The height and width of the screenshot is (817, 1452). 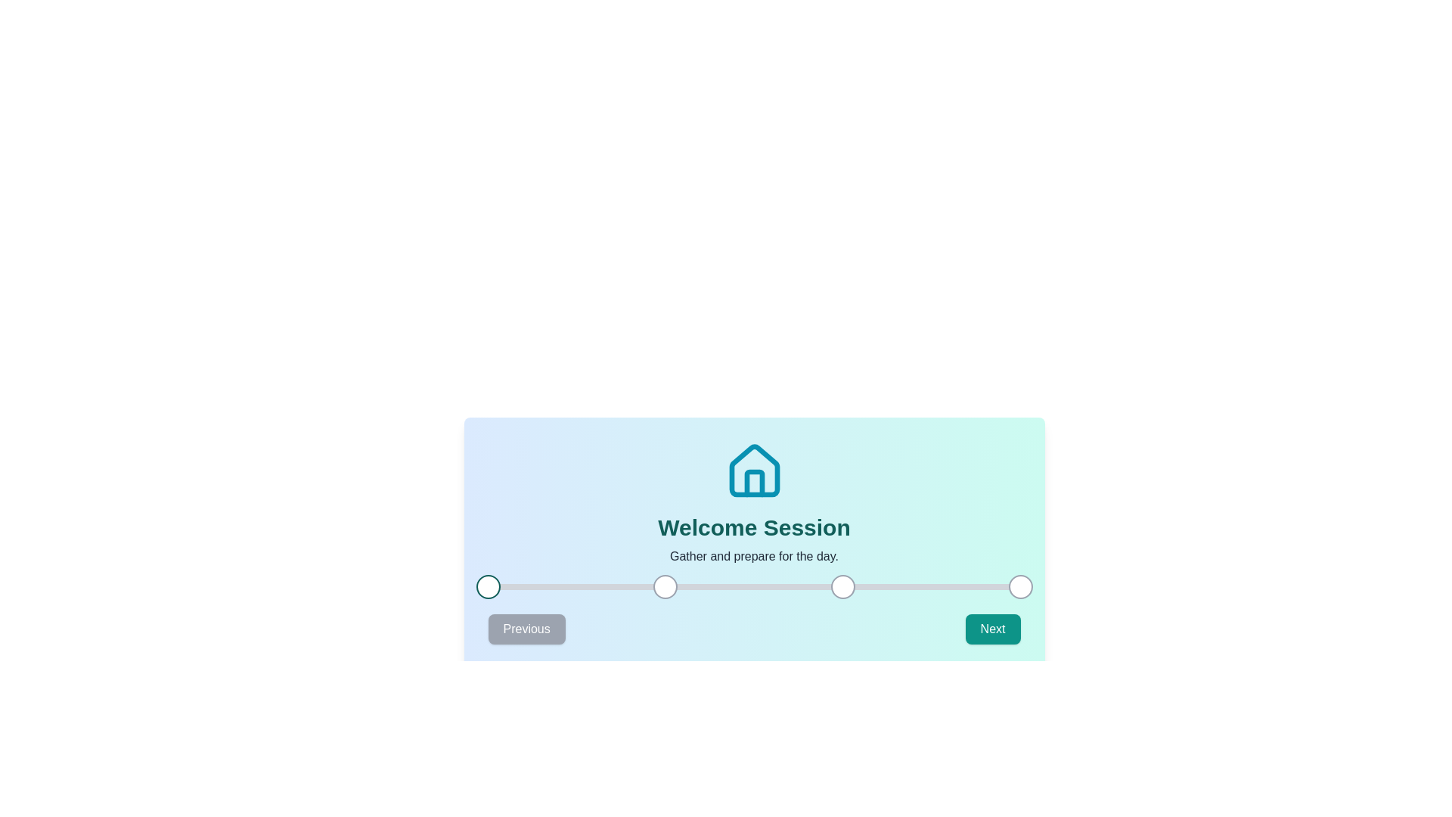 What do you see at coordinates (993, 629) in the screenshot?
I see `the Next button to navigate to the Next step` at bounding box center [993, 629].